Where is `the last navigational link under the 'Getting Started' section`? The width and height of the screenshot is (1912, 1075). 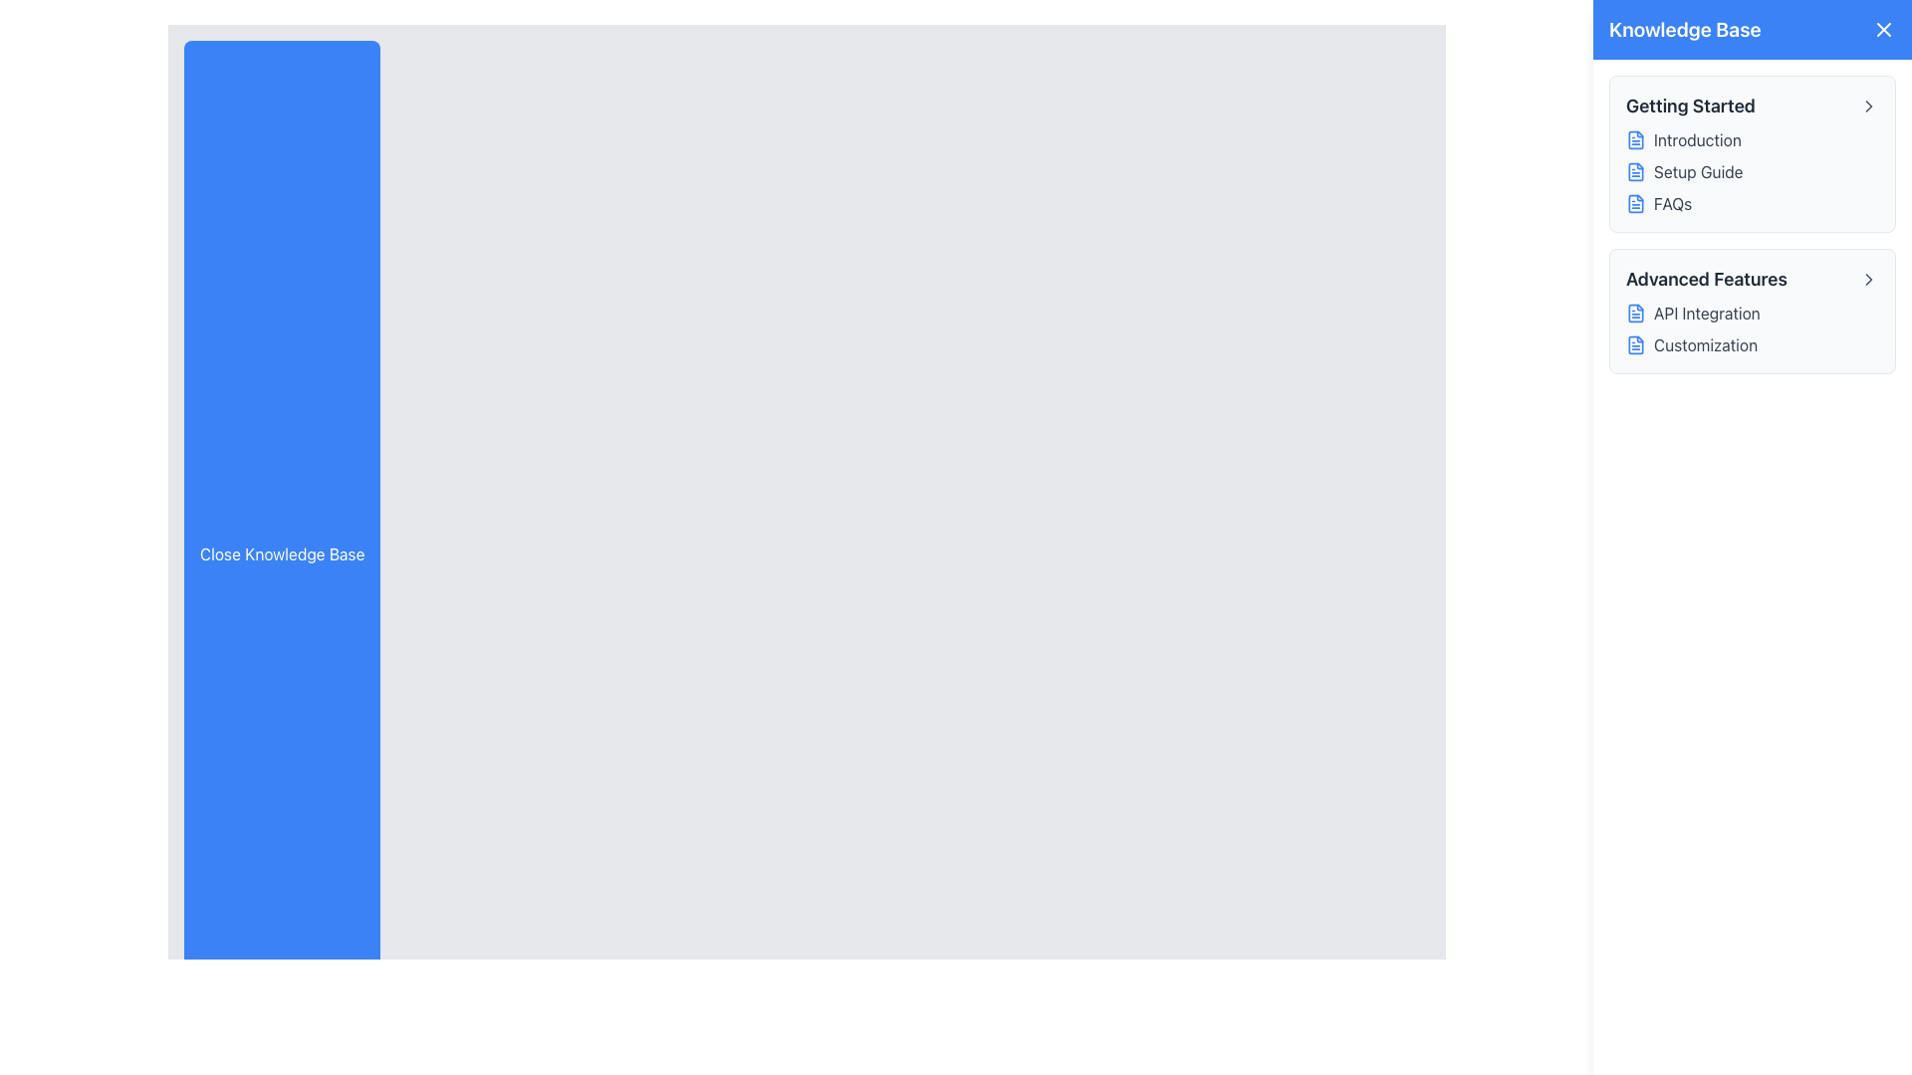
the last navigational link under the 'Getting Started' section is located at coordinates (1753, 203).